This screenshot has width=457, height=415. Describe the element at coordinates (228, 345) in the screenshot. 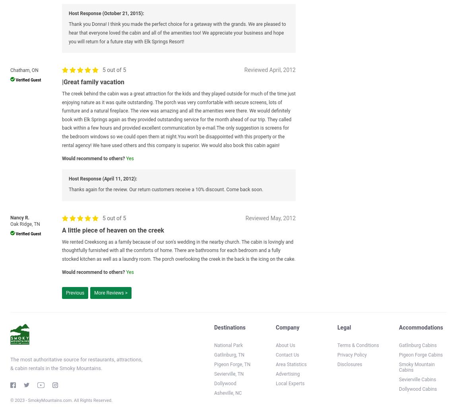

I see `'National Park'` at that location.